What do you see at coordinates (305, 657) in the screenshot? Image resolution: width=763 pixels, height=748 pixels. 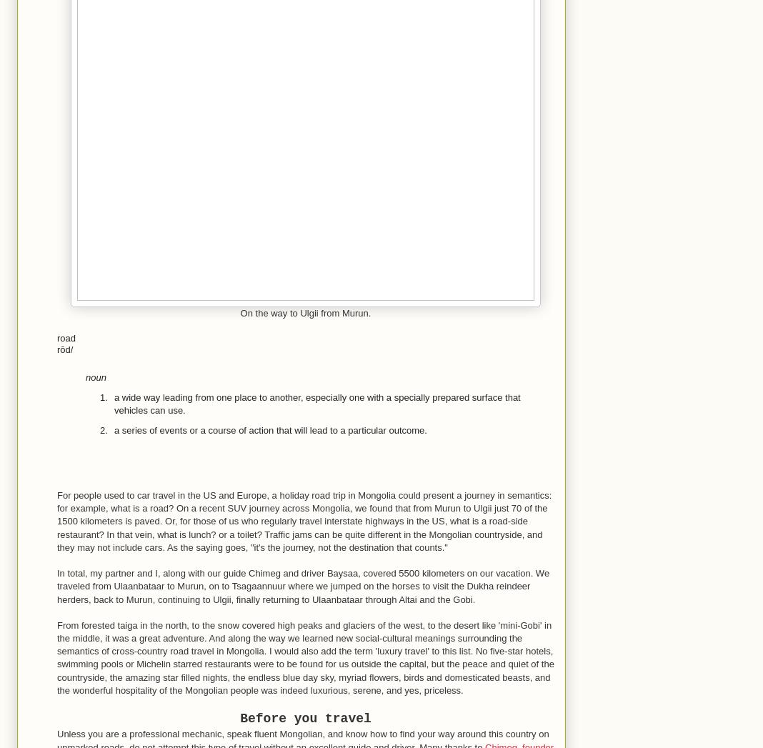 I see `'From forested taiga in the north, to the snow covered high peaks and glaciers of the west, to the desert like 'mini-Gobi' in the middle, it was a great adventure. And along the way we learned new social-cultural meanings surrounding the semantics of cross-country road travel in Mongolia. I would also add the term 'luxury travel' to this list. No five-star hotels, swimming pools or Michelin starred restaurants were to be found for us outside the capital, but the peace and quiet of the countryside, the amazing star filled nights, the endless blue day sky, myriad flowers, birds and domesticated beasts, and the wonderful hospitality of the Mongolian people was indeed luxurious, serene, and yes, priceless.'` at bounding box center [305, 657].